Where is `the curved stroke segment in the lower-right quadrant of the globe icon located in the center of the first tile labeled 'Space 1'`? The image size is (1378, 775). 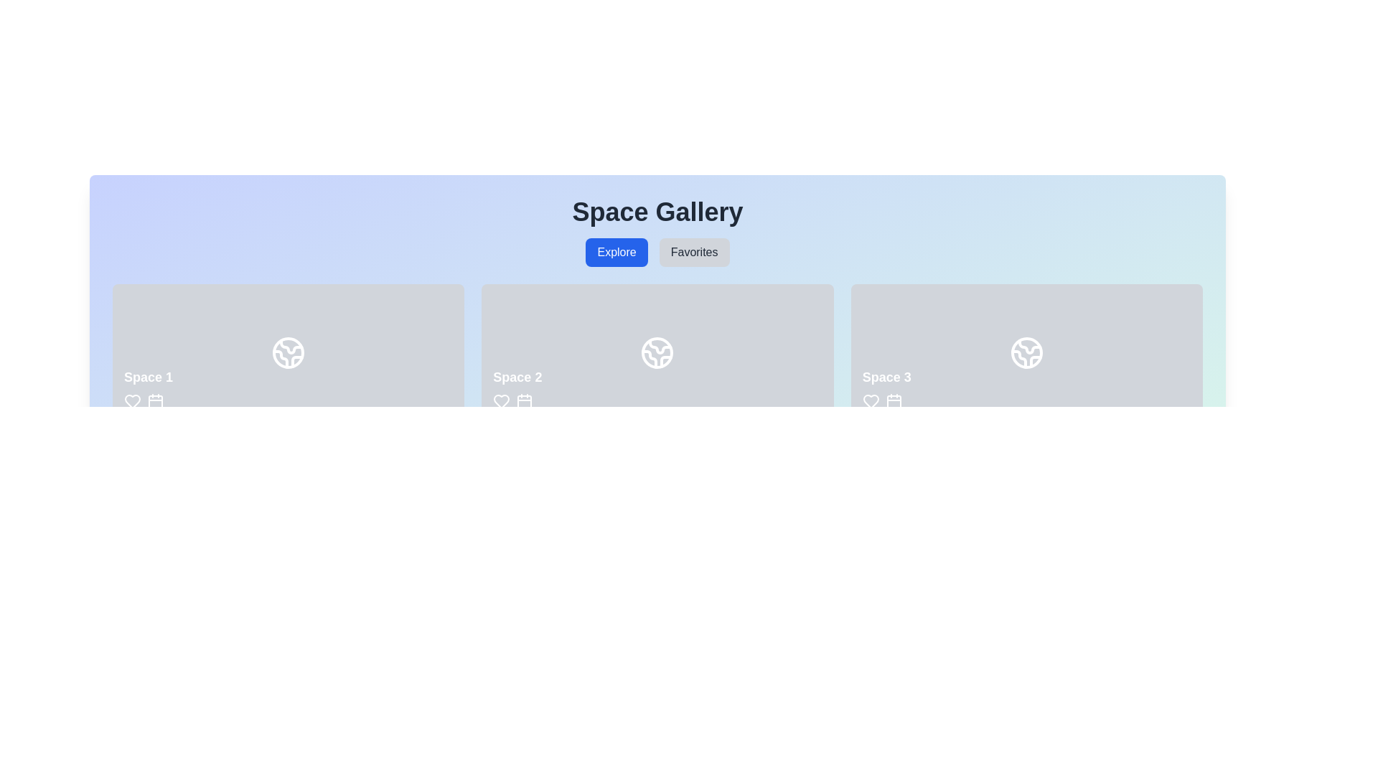 the curved stroke segment in the lower-right quadrant of the globe icon located in the center of the first tile labeled 'Space 1' is located at coordinates (296, 361).